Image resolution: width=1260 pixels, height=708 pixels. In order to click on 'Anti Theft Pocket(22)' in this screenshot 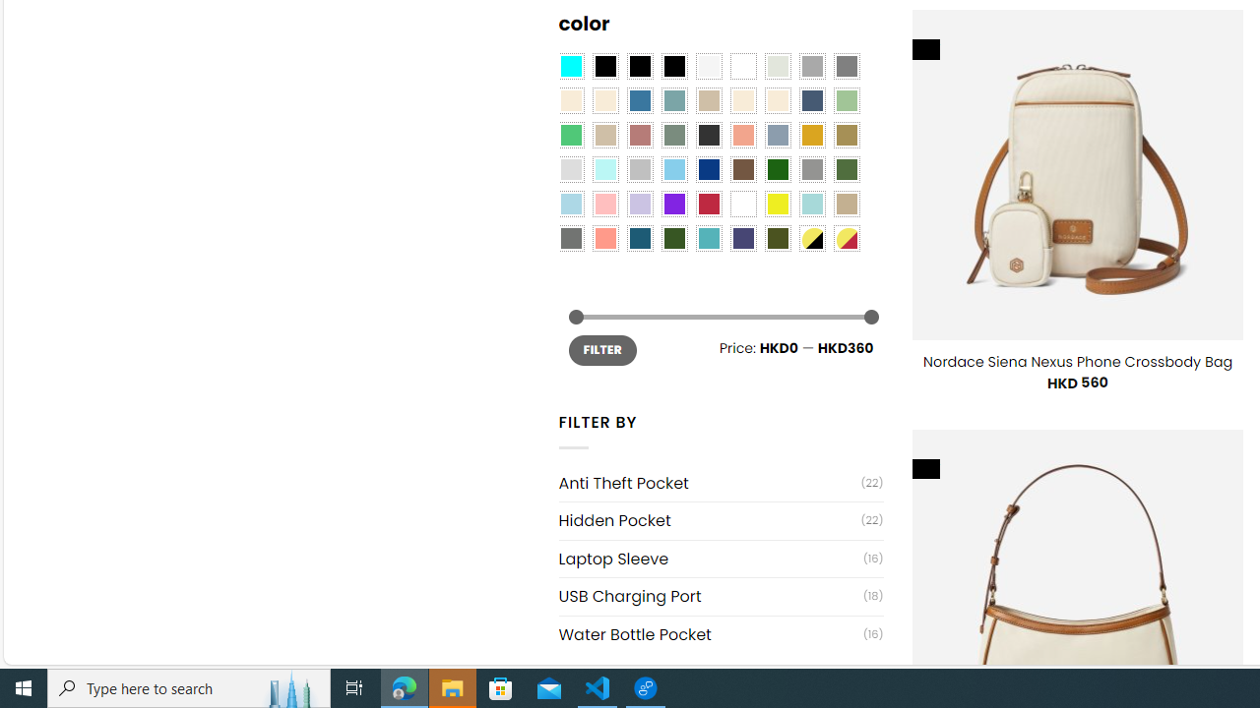, I will do `click(720, 483)`.